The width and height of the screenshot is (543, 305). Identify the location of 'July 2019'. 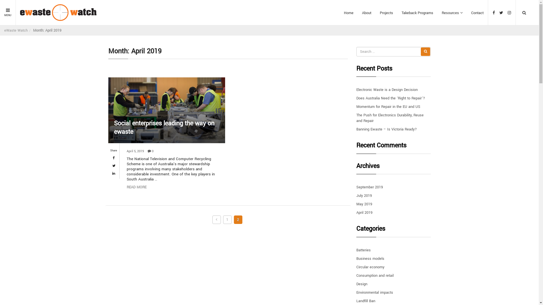
(364, 195).